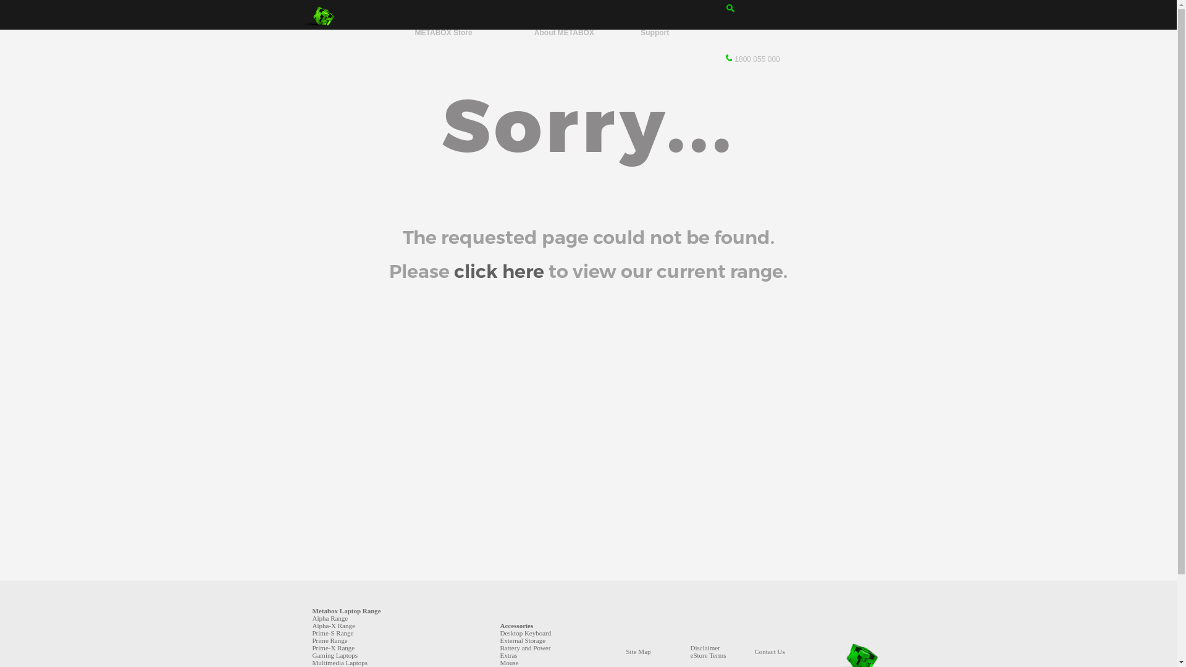  Describe the element at coordinates (523, 640) in the screenshot. I see `'External Storage'` at that location.